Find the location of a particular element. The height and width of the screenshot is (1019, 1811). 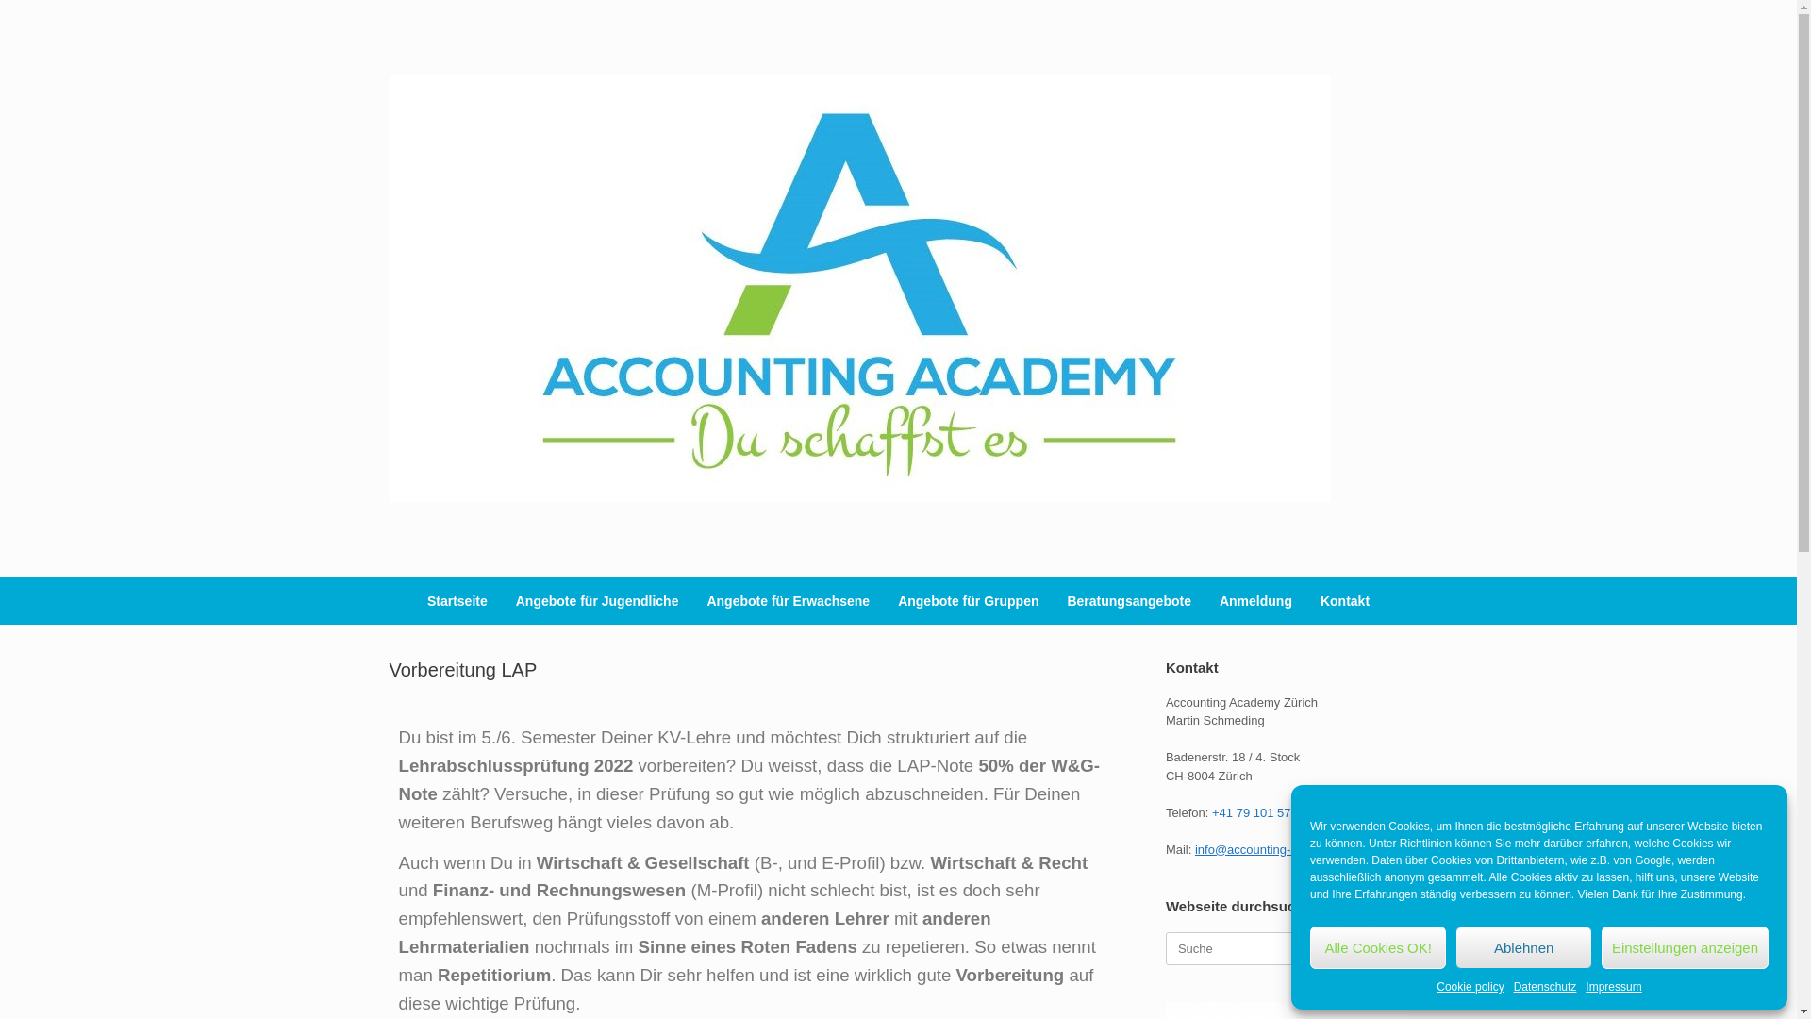

'info@accounting-academy.ch' is located at coordinates (1275, 847).